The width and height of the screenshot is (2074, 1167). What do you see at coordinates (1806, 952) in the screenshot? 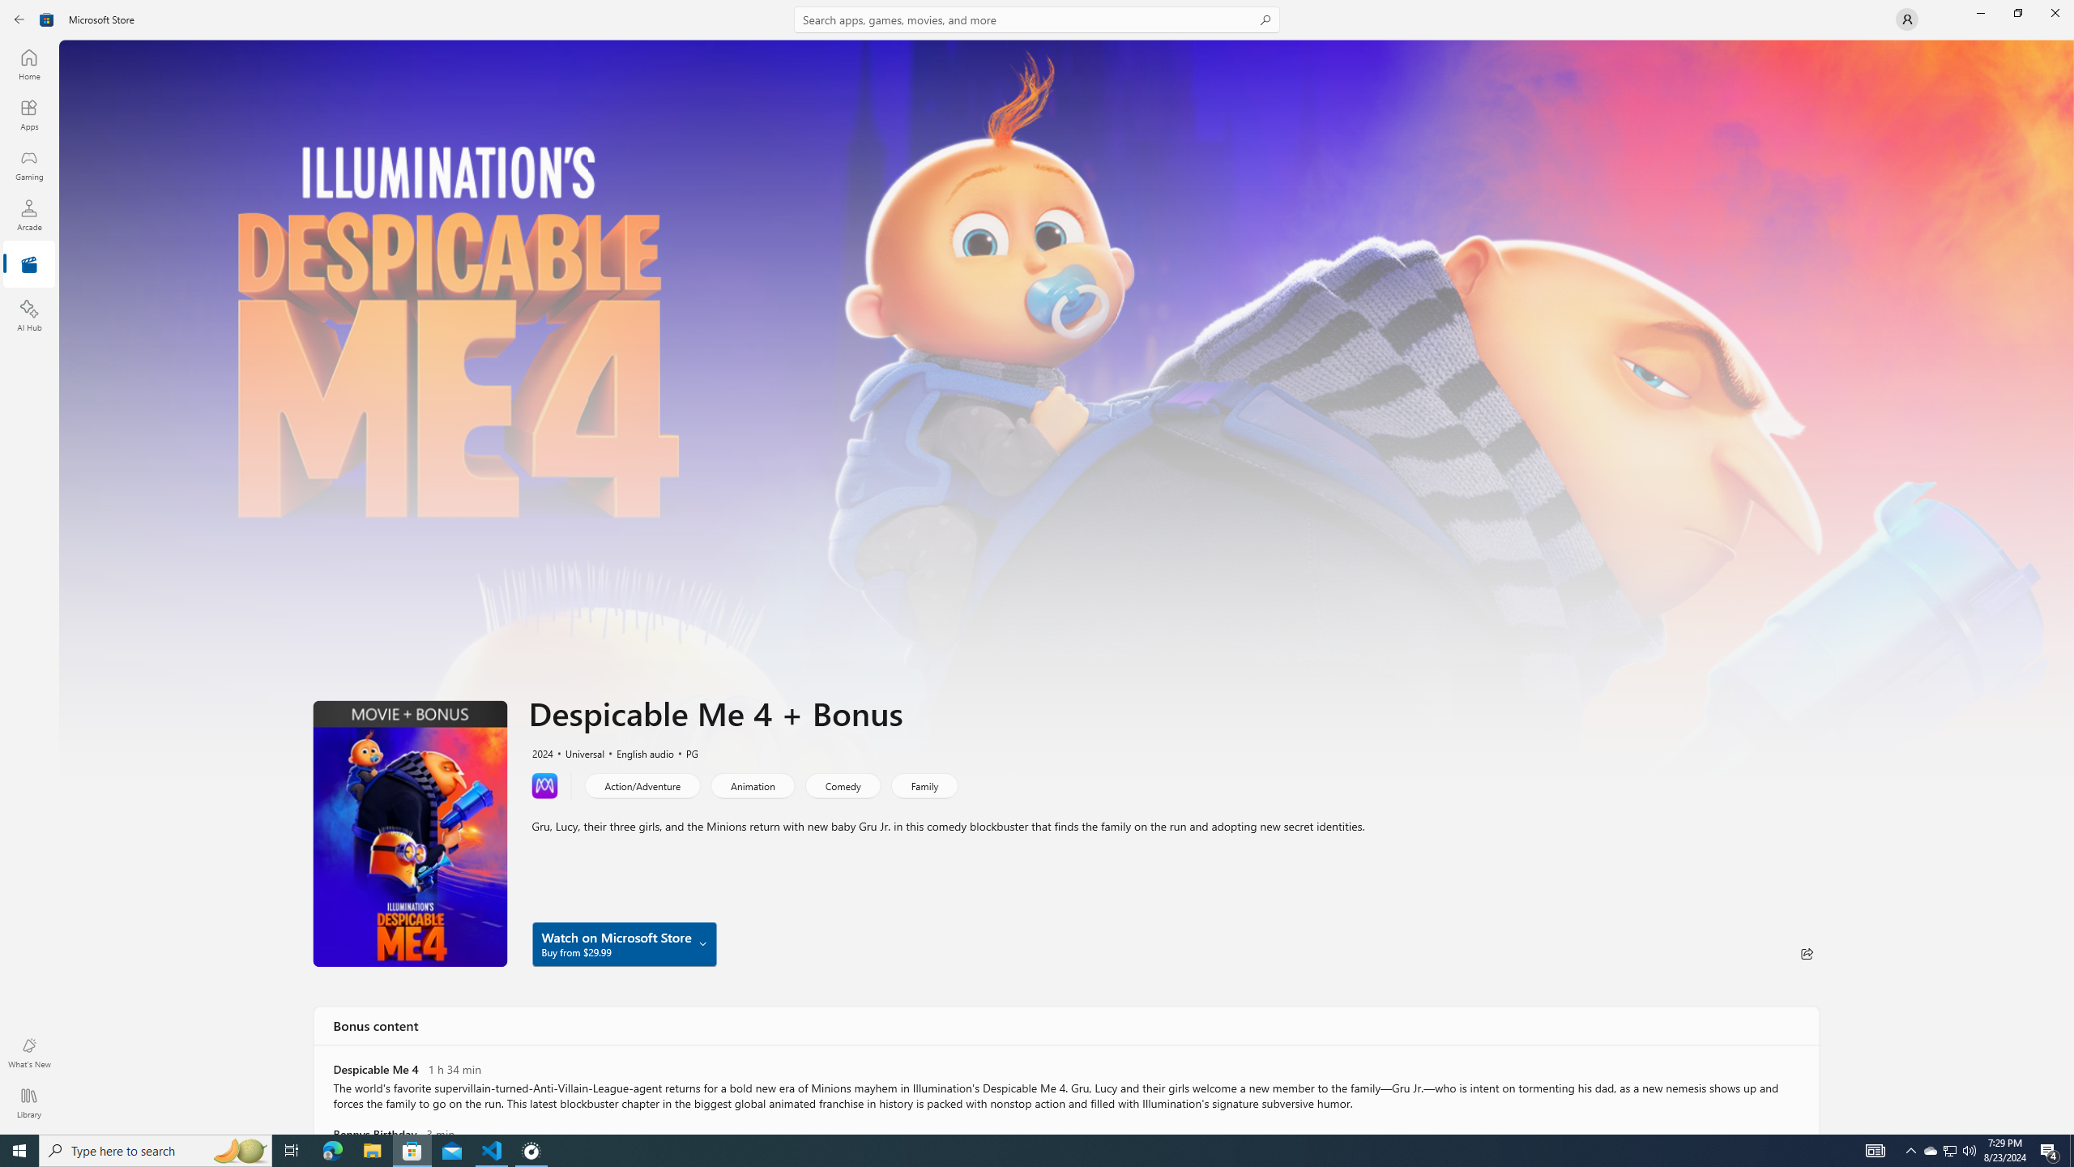
I see `'Share'` at bounding box center [1806, 952].